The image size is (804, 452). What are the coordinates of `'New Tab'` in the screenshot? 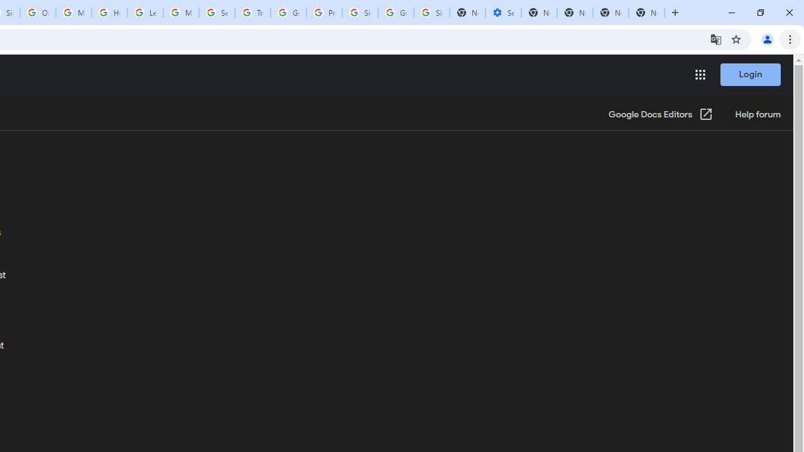 It's located at (646, 13).